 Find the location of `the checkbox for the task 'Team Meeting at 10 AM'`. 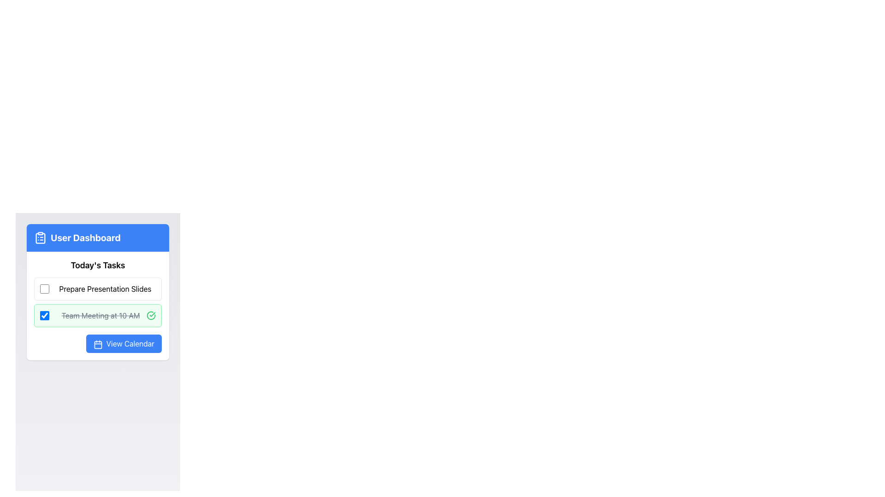

the checkbox for the task 'Team Meeting at 10 AM' is located at coordinates (44, 315).